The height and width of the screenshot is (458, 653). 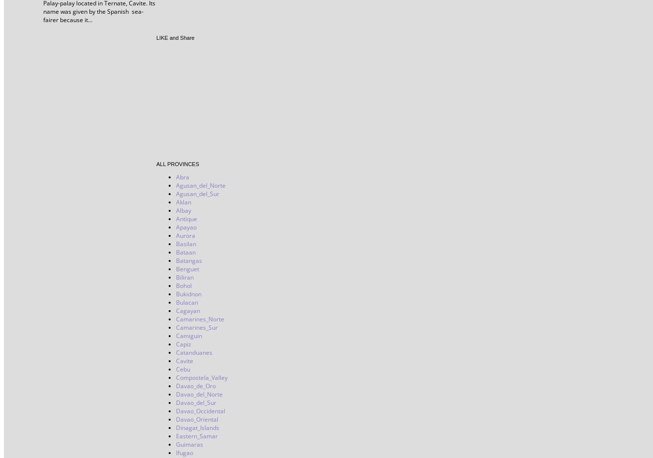 I want to click on 'Davao_Oriental', so click(x=197, y=419).